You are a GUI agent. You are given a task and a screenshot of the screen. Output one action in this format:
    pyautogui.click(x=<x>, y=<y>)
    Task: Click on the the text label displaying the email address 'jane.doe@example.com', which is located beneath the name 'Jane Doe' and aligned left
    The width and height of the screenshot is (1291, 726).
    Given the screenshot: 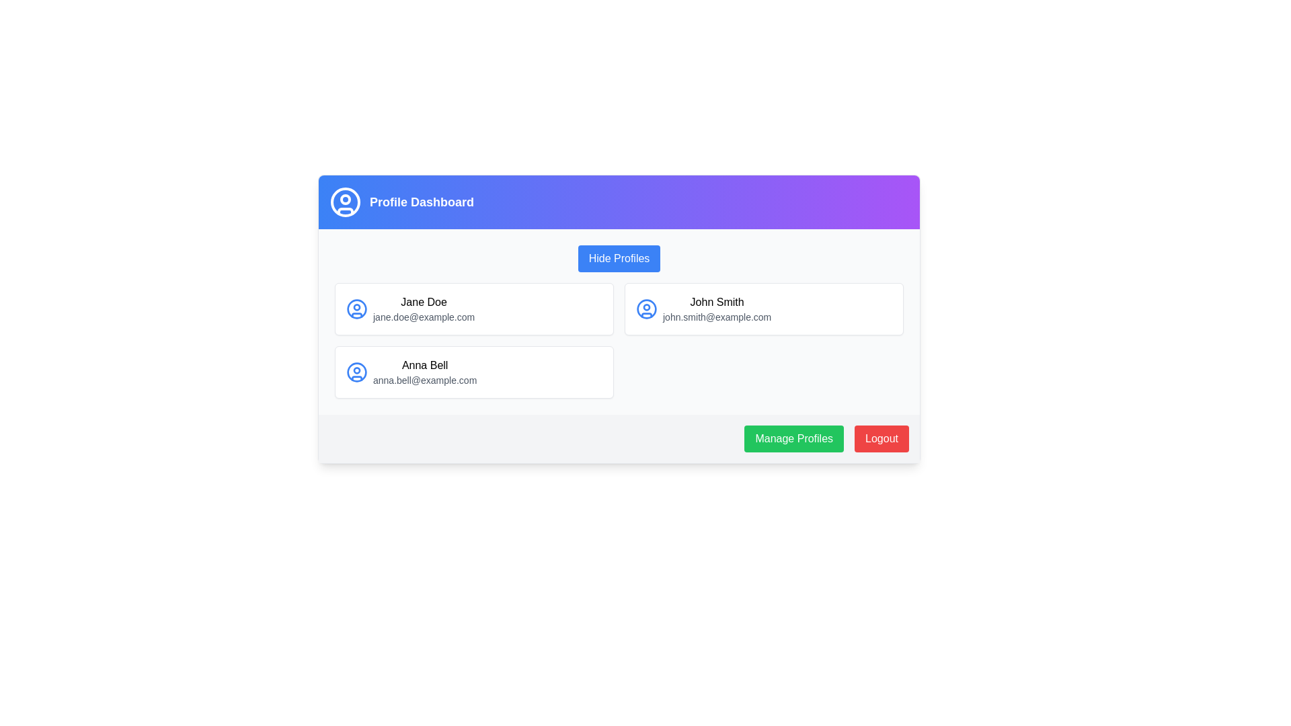 What is the action you would take?
    pyautogui.click(x=423, y=317)
    